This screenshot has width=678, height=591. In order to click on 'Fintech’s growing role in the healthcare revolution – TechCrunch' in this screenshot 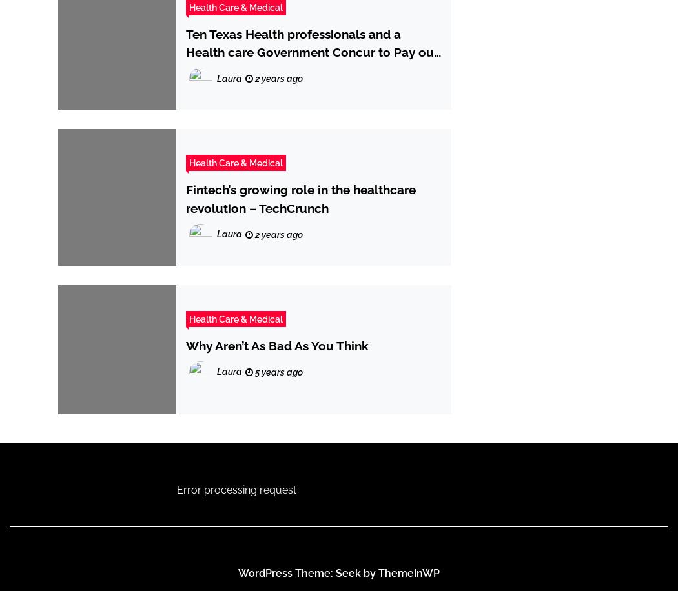, I will do `click(300, 197)`.